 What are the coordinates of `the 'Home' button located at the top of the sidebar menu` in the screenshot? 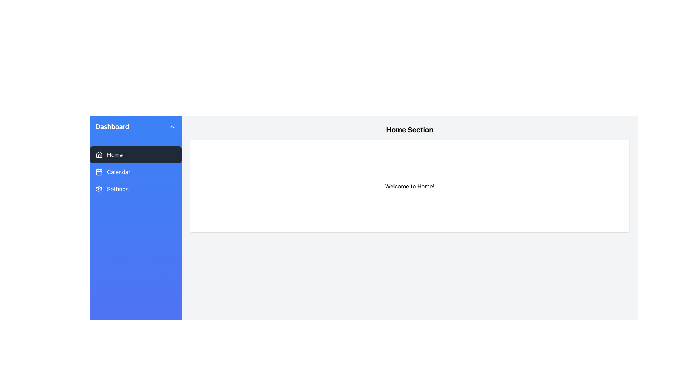 It's located at (136, 154).